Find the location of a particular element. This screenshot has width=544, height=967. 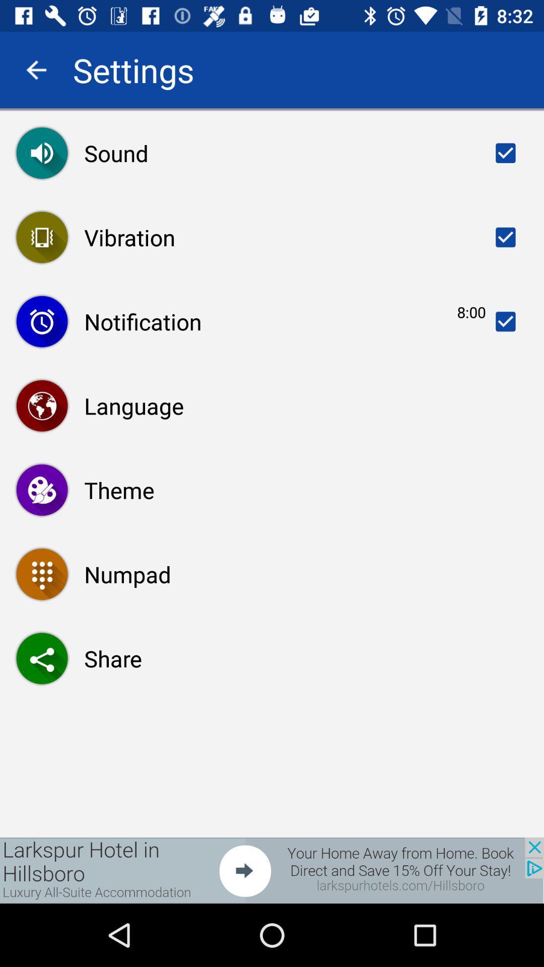

the vibration is located at coordinates (505, 237).